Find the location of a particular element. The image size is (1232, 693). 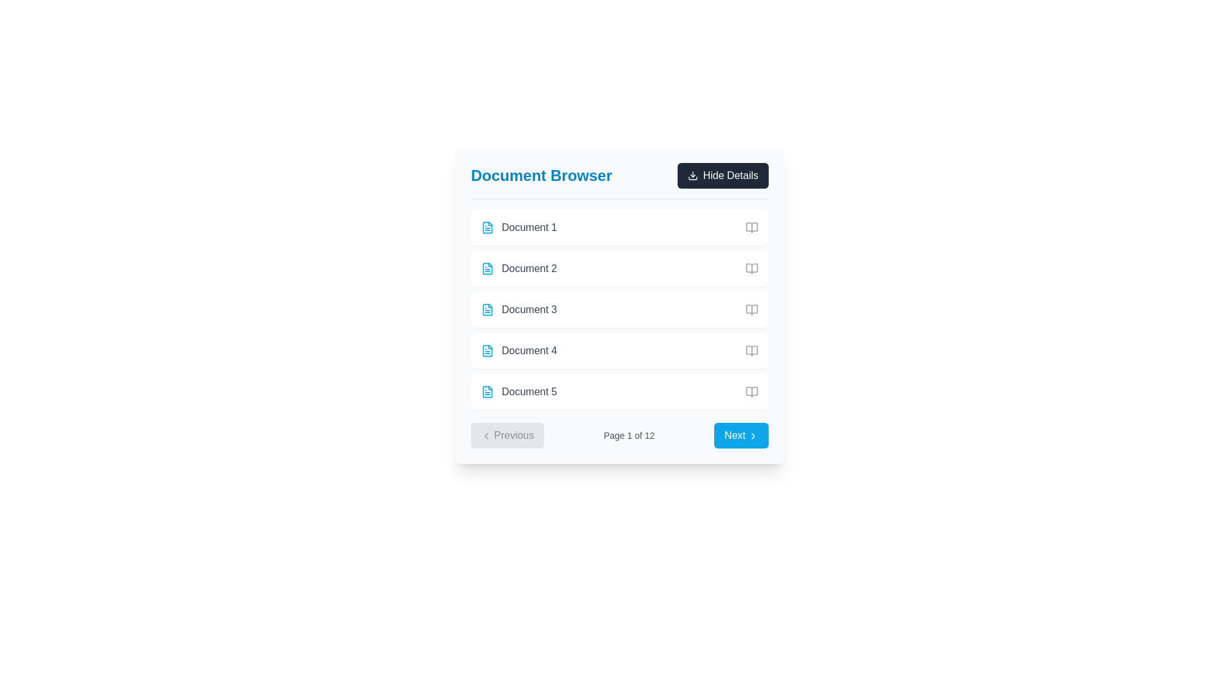

the icon button located to the far right of the 'Document 1' row in the document browser interface is located at coordinates (751, 227).